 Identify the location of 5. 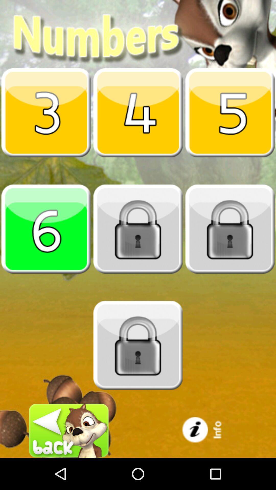
(229, 112).